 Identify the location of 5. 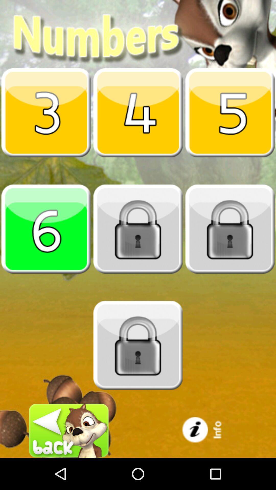
(229, 112).